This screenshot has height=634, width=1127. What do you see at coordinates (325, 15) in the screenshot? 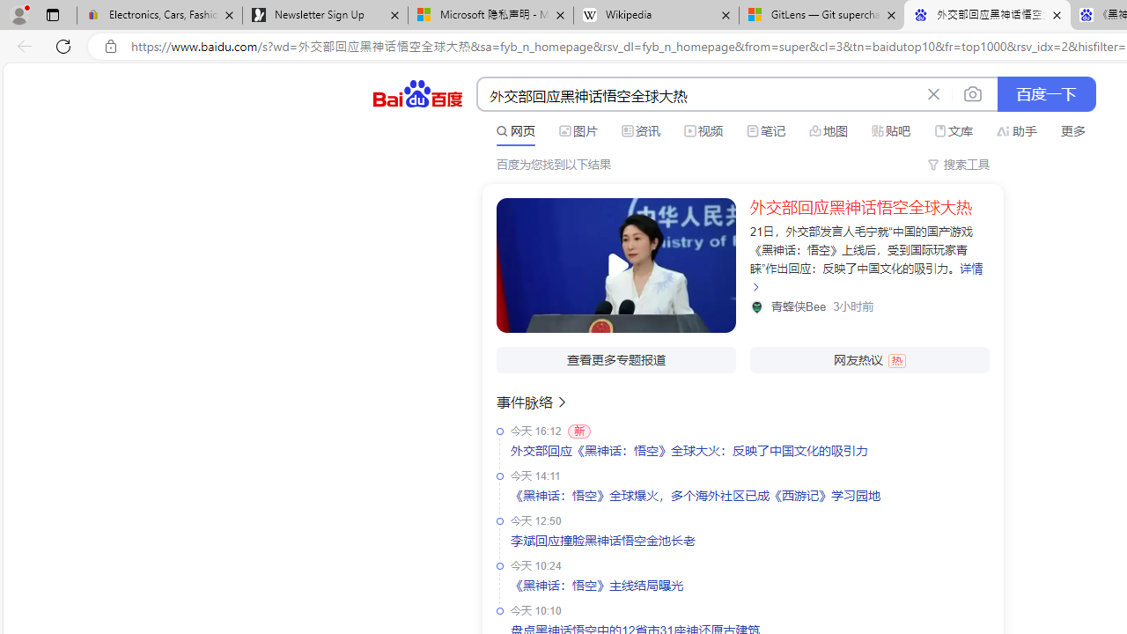
I see `'Newsletter Sign Up'` at bounding box center [325, 15].